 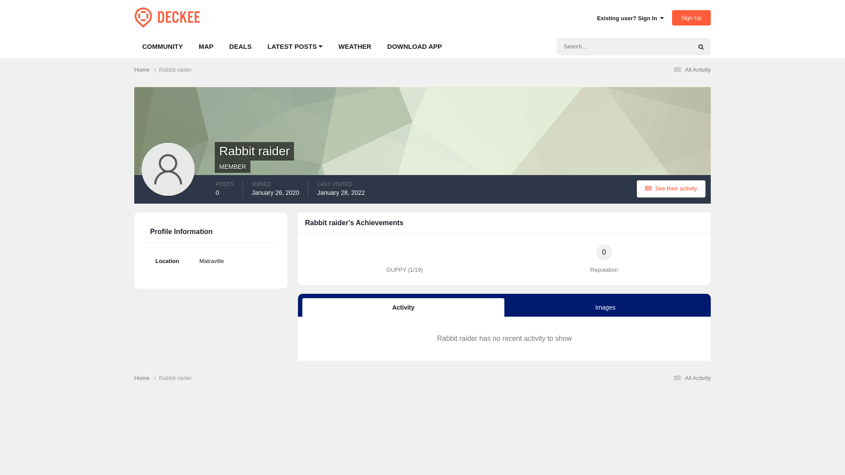 What do you see at coordinates (605, 307) in the screenshot?
I see `'Images'` at bounding box center [605, 307].